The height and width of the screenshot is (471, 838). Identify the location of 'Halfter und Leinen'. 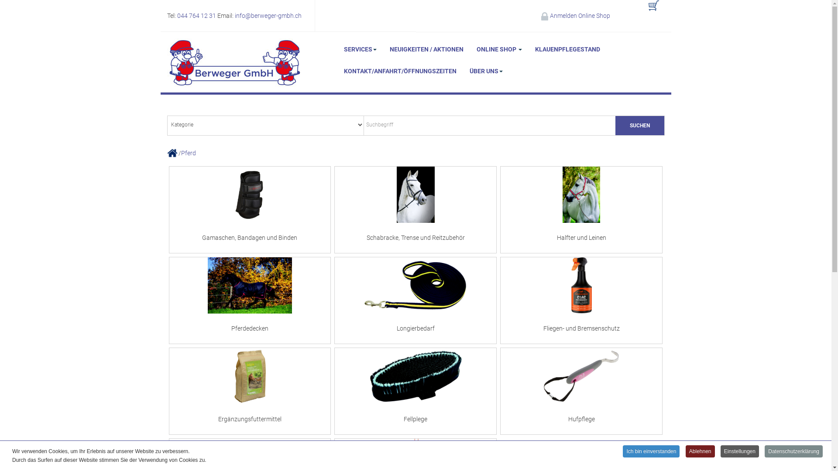
(581, 210).